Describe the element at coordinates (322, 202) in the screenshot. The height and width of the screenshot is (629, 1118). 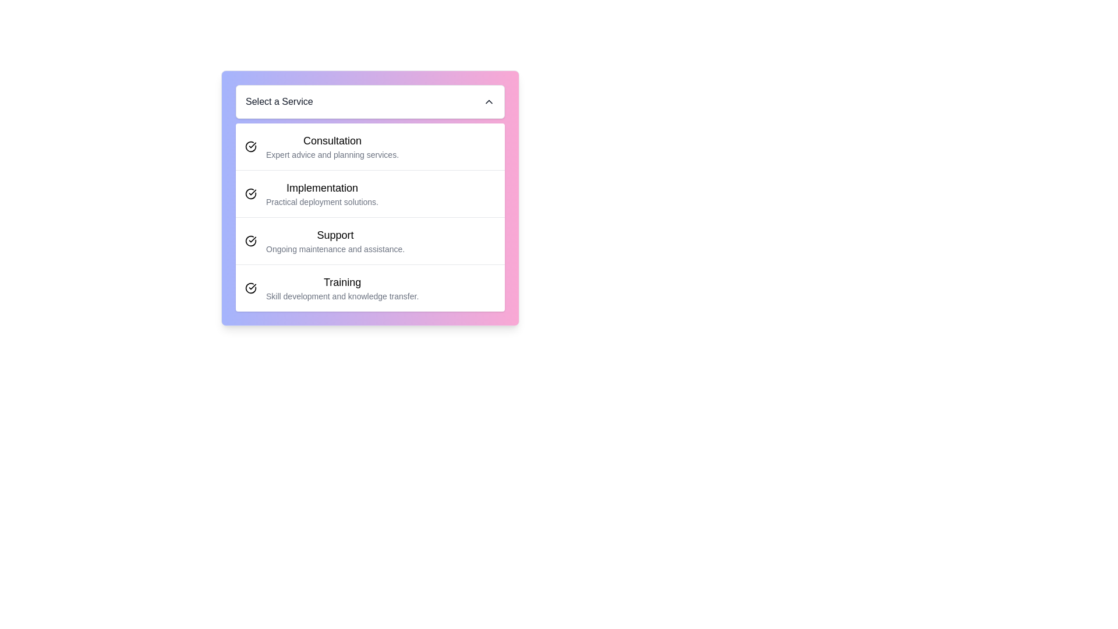
I see `text content of the Text label located in the second entry of the vertical list under the heading 'Implementation', positioned centrally between 'Consultation' and 'Support'` at that location.